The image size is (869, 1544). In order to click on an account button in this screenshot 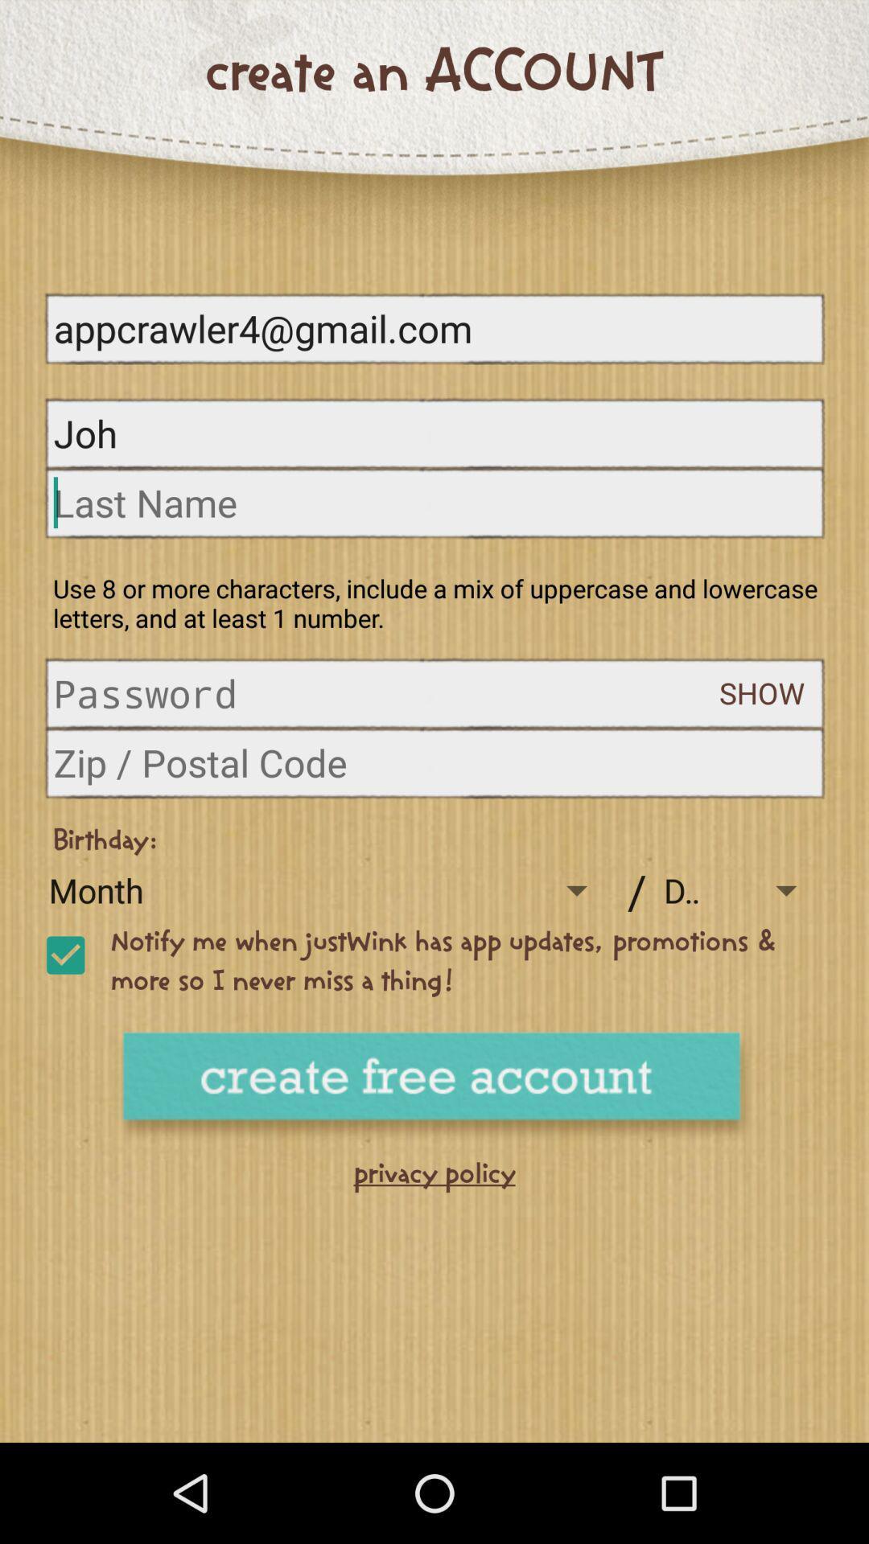, I will do `click(434, 1087)`.